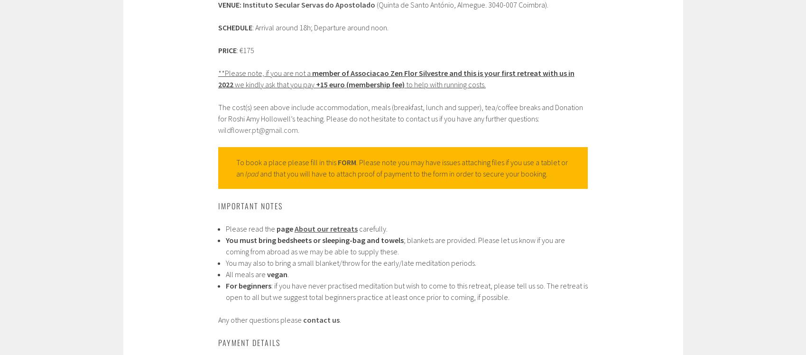  I want to click on 'All meals are', so click(225, 274).